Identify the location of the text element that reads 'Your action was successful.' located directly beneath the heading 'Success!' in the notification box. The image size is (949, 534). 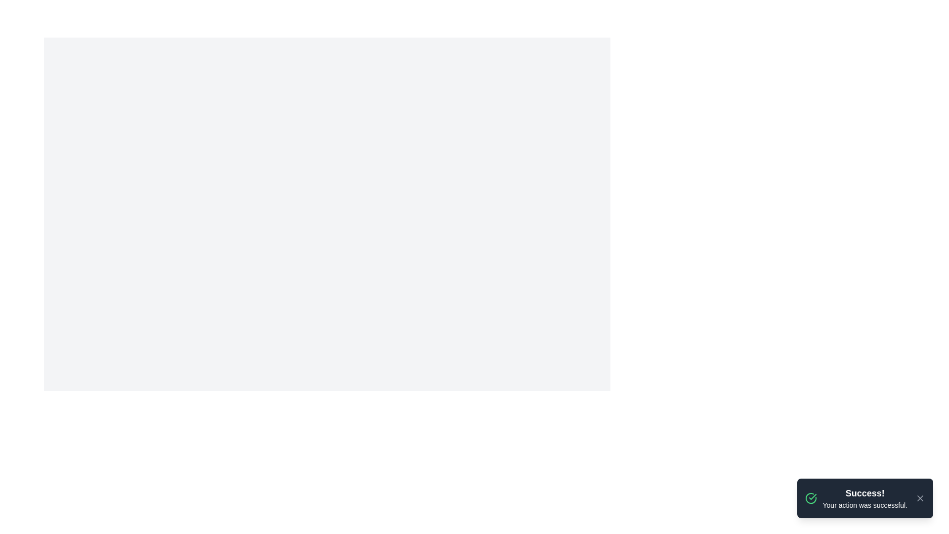
(864, 505).